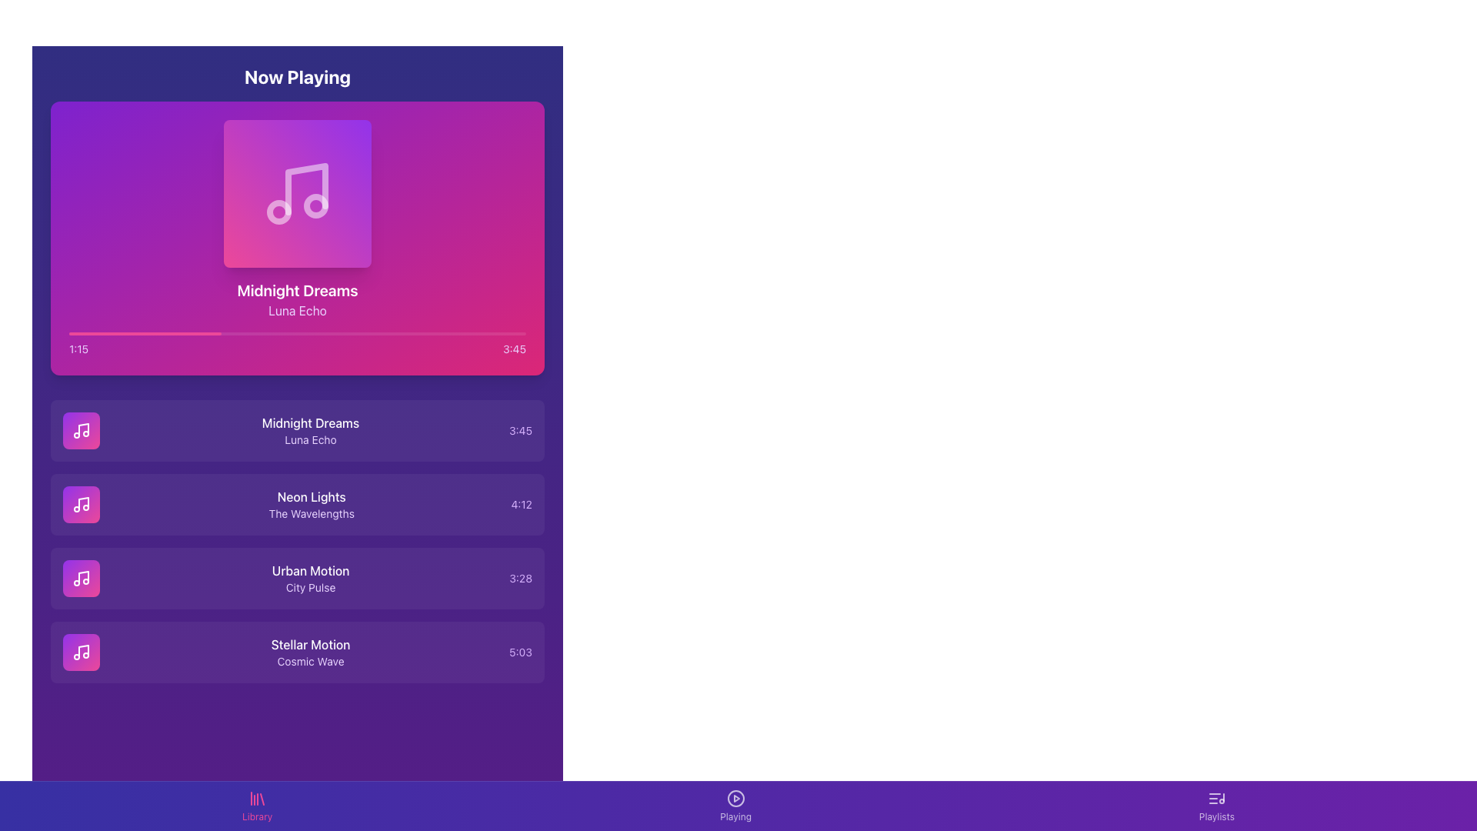 The image size is (1477, 831). I want to click on the Text label indicating the elapsed time of the currently playing track, located at the left side of the progress bar, so click(78, 349).